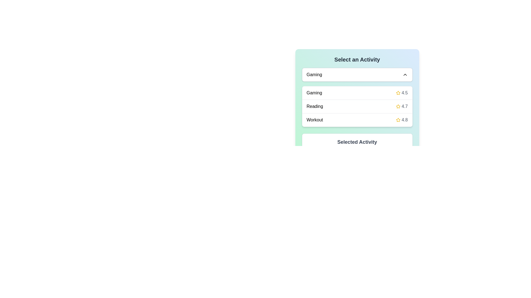 Image resolution: width=531 pixels, height=298 pixels. I want to click on the Dropdown toggle icon (upward-chevron) located at the far right of the 'Gaming' dropdown menu, so click(405, 74).